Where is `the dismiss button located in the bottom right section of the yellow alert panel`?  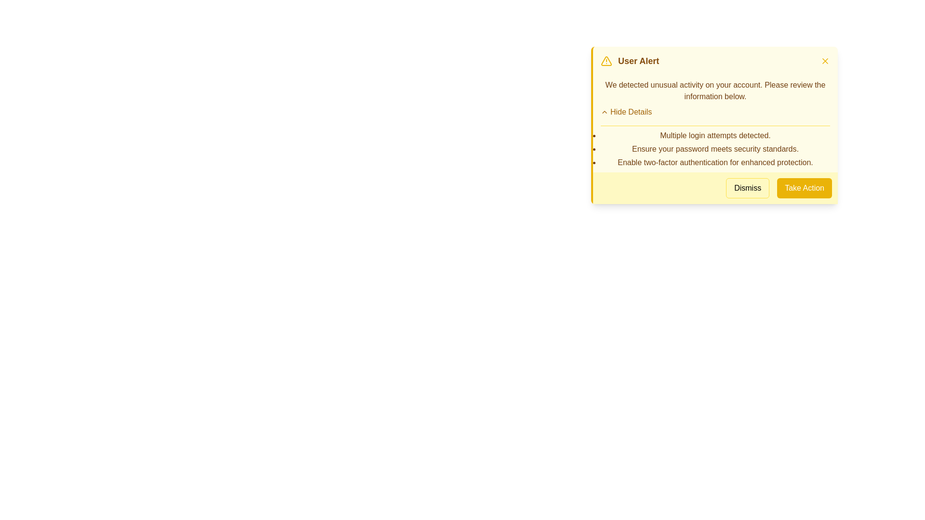
the dismiss button located in the bottom right section of the yellow alert panel is located at coordinates (747, 188).